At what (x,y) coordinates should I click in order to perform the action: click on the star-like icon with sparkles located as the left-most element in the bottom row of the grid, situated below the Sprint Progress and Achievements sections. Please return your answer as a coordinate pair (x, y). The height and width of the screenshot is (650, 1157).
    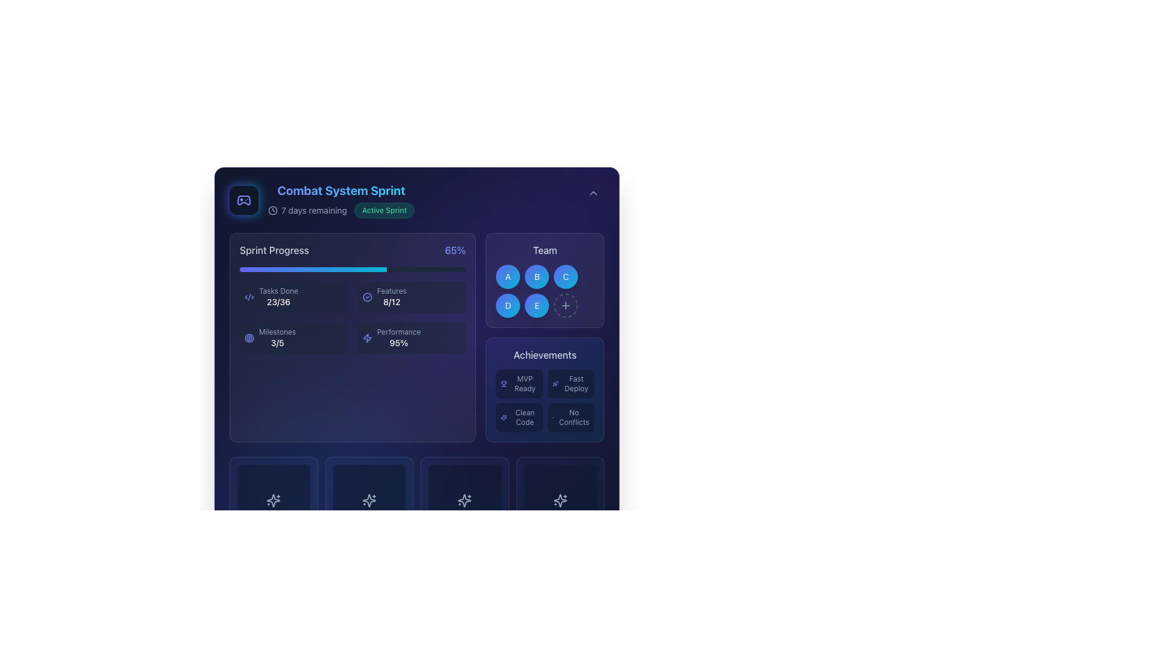
    Looking at the image, I should click on (273, 501).